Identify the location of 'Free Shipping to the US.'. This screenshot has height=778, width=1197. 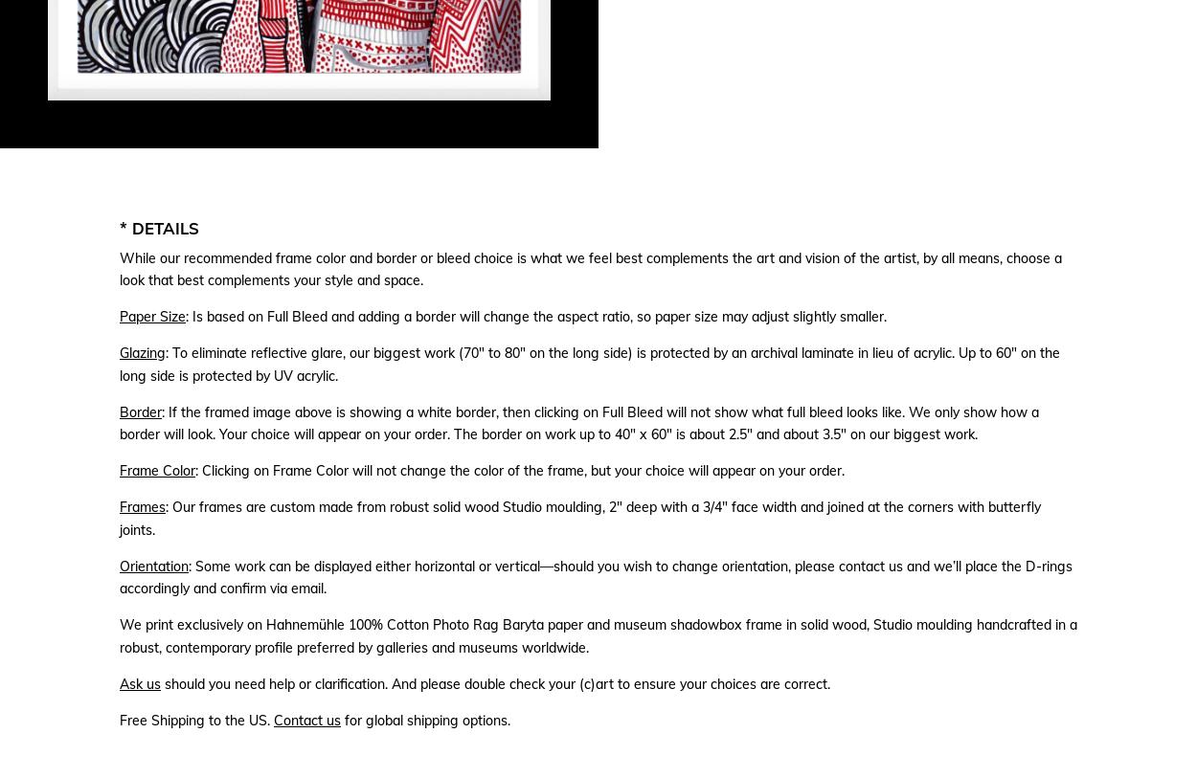
(195, 720).